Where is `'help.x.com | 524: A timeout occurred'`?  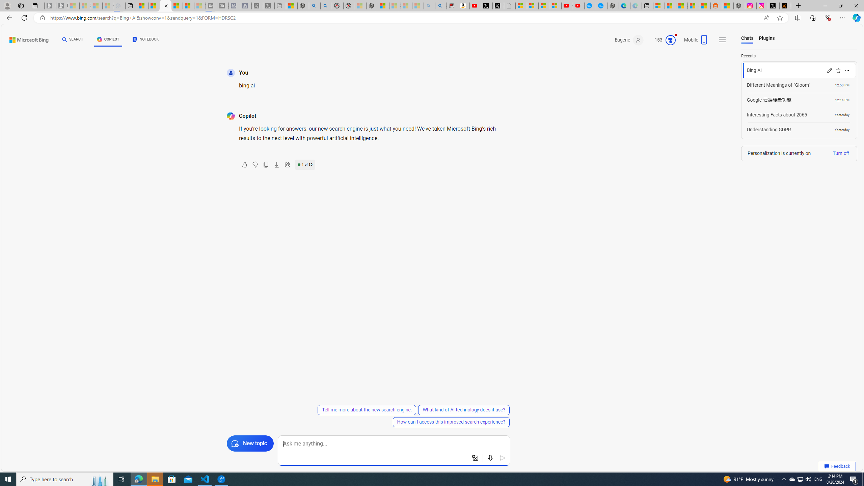
'help.x.com | 524: A timeout occurred' is located at coordinates (785, 5).